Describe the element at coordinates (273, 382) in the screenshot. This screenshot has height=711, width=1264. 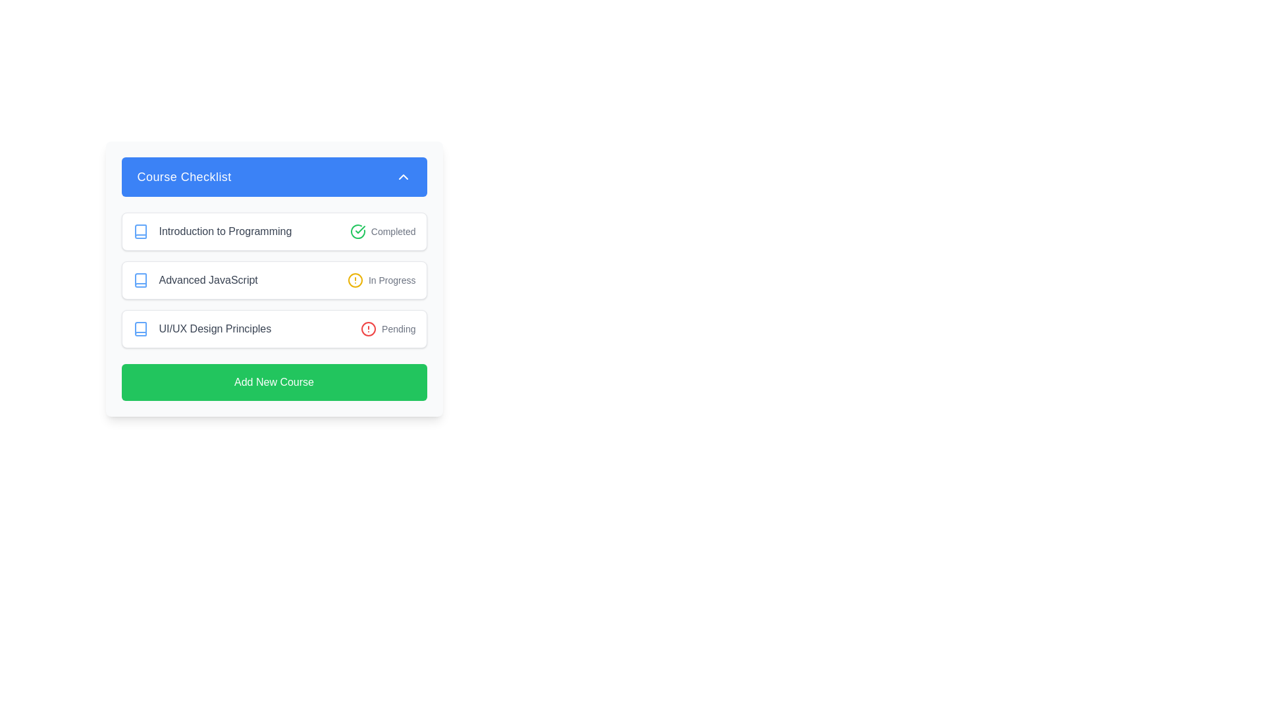
I see `the button located at the bottom of the checklist card that initiates the process` at that location.